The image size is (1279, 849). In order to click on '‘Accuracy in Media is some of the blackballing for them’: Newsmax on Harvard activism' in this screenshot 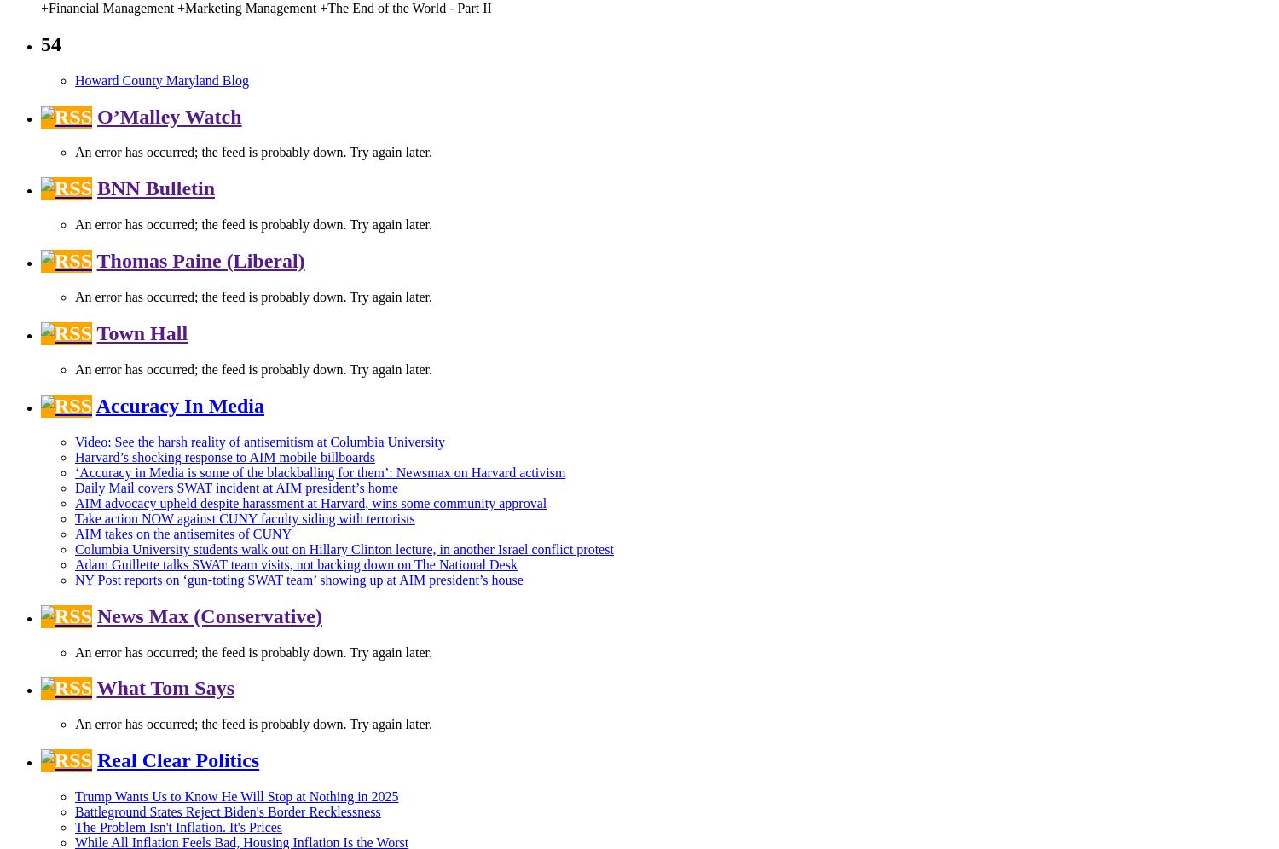, I will do `click(320, 471)`.